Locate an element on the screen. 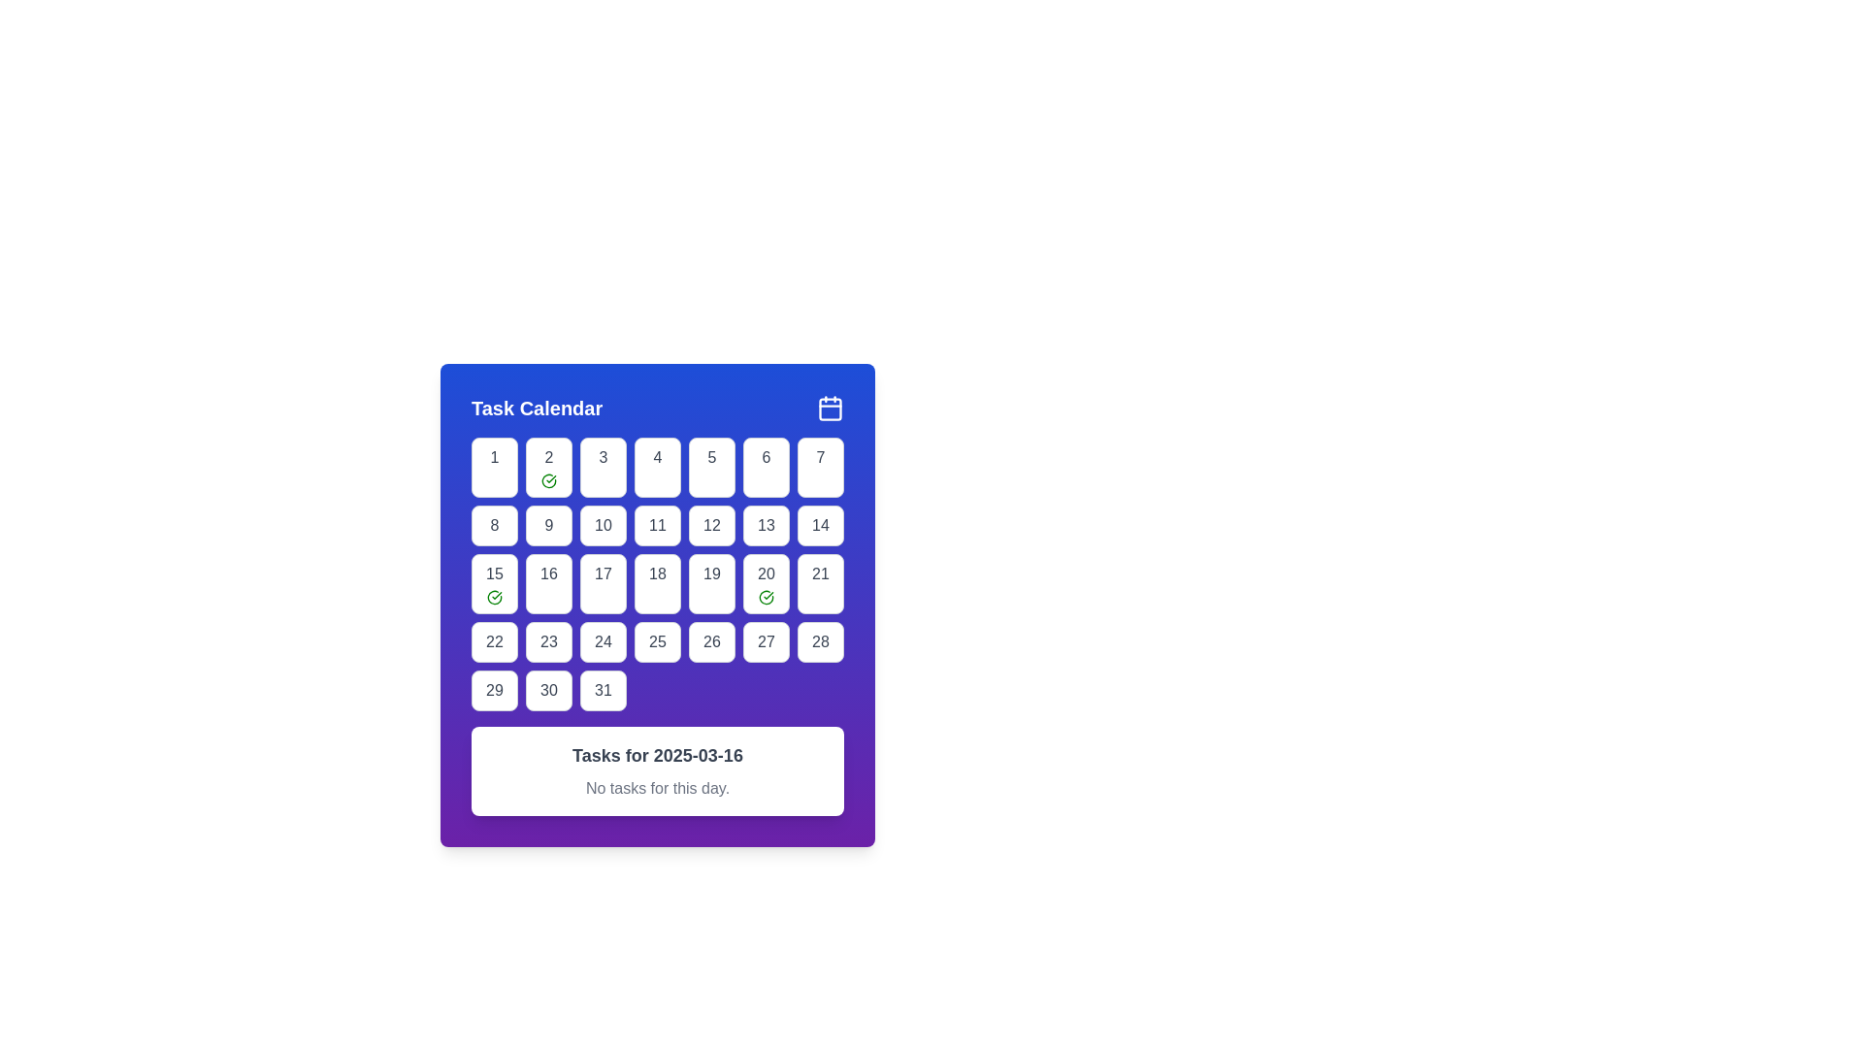  the date '6' in the calendar is located at coordinates (766, 457).